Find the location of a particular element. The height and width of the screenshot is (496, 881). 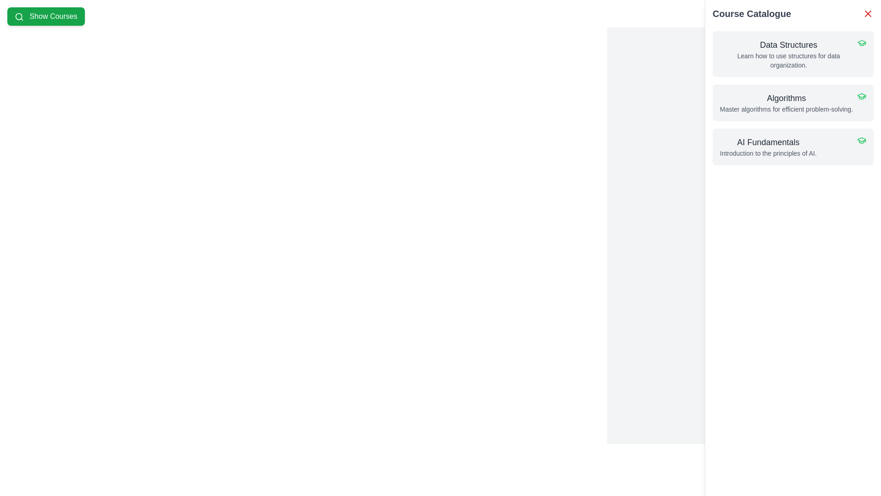

the topmost entry of the descriptive item card titled 'Data Structures' is located at coordinates (788, 54).